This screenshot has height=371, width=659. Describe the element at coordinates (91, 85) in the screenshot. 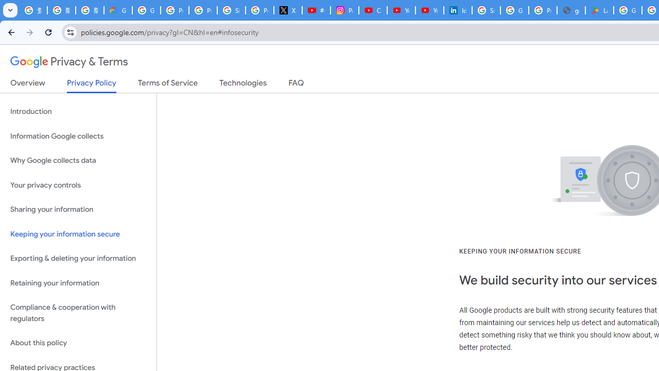

I see `'Privacy Policy'` at that location.